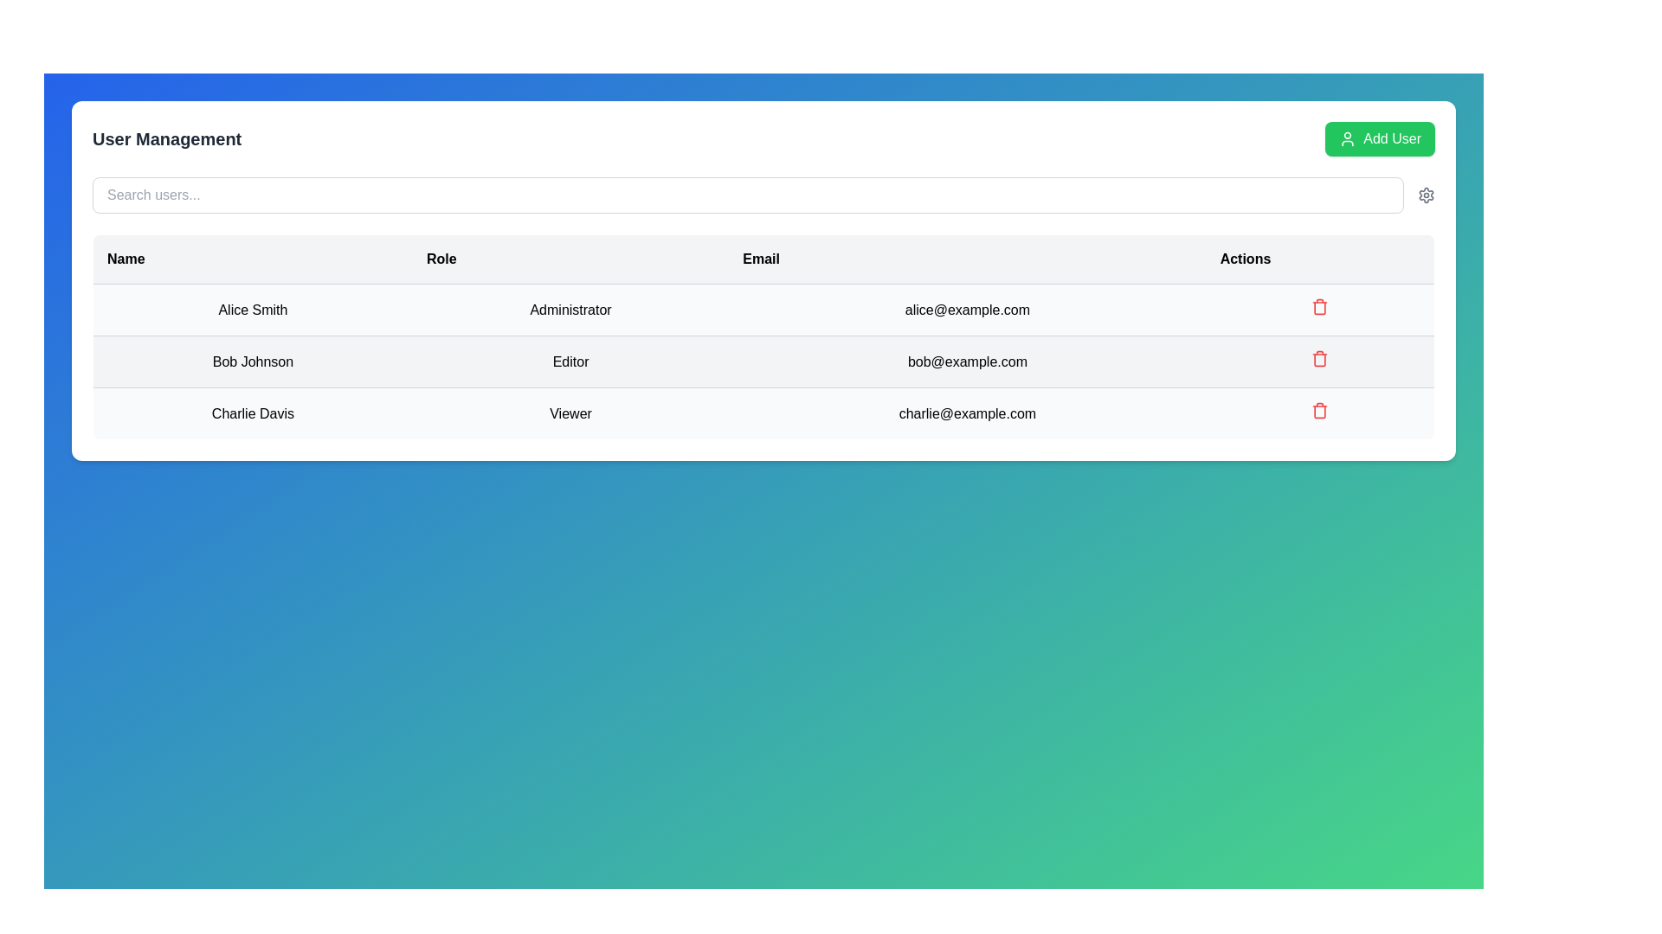 Image resolution: width=1662 pixels, height=934 pixels. What do you see at coordinates (252, 361) in the screenshot?
I see `text of the Text Label that displays the name 'Bob Johnson', located in the first cell of the row for user information, positioned vertically between the rows for 'Alice Smith' and 'Charlie Davis'` at bounding box center [252, 361].